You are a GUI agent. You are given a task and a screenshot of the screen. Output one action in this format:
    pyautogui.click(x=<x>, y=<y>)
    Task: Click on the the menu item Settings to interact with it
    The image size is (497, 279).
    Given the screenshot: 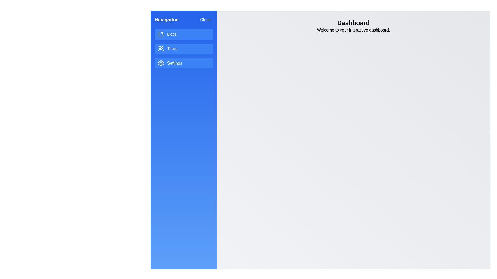 What is the action you would take?
    pyautogui.click(x=184, y=63)
    